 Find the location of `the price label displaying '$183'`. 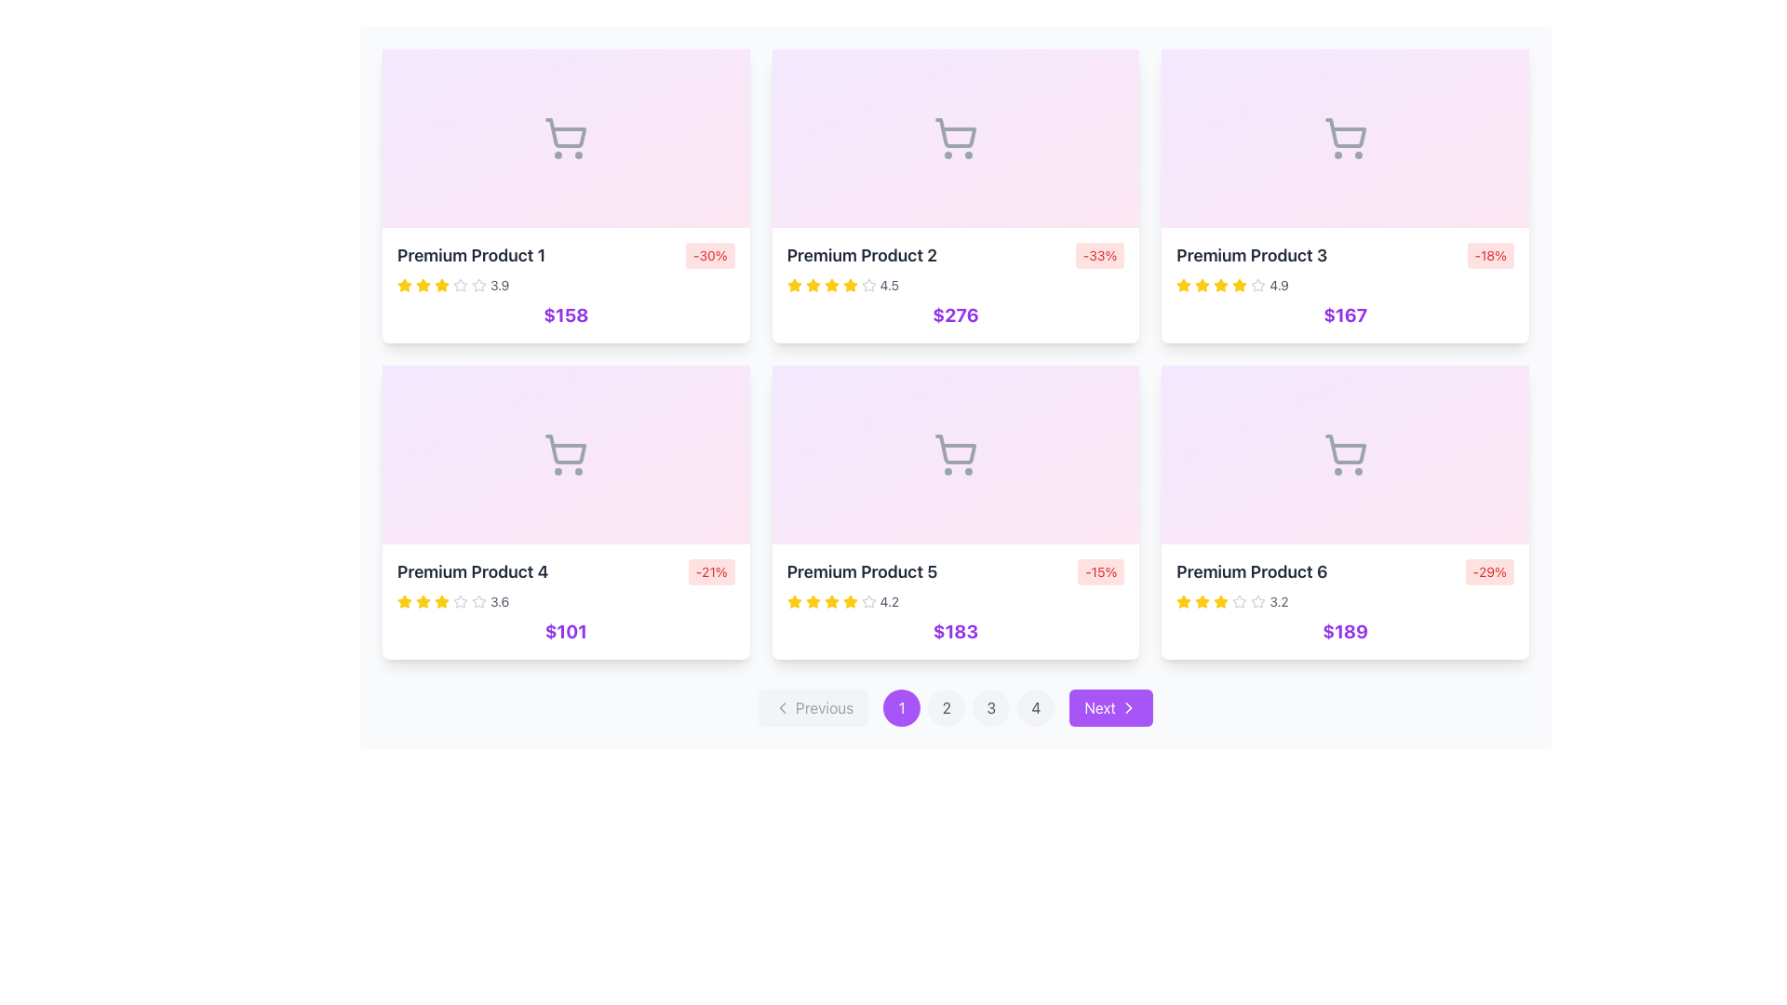

the price label displaying '$183' is located at coordinates (956, 630).